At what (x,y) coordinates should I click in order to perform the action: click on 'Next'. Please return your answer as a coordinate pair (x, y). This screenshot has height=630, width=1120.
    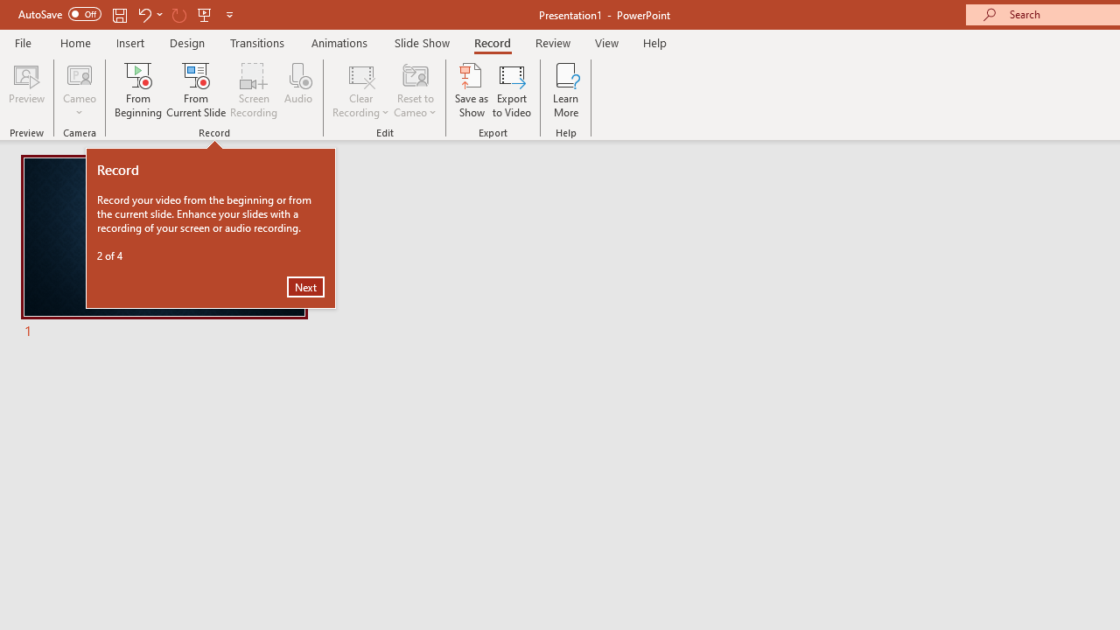
    Looking at the image, I should click on (305, 285).